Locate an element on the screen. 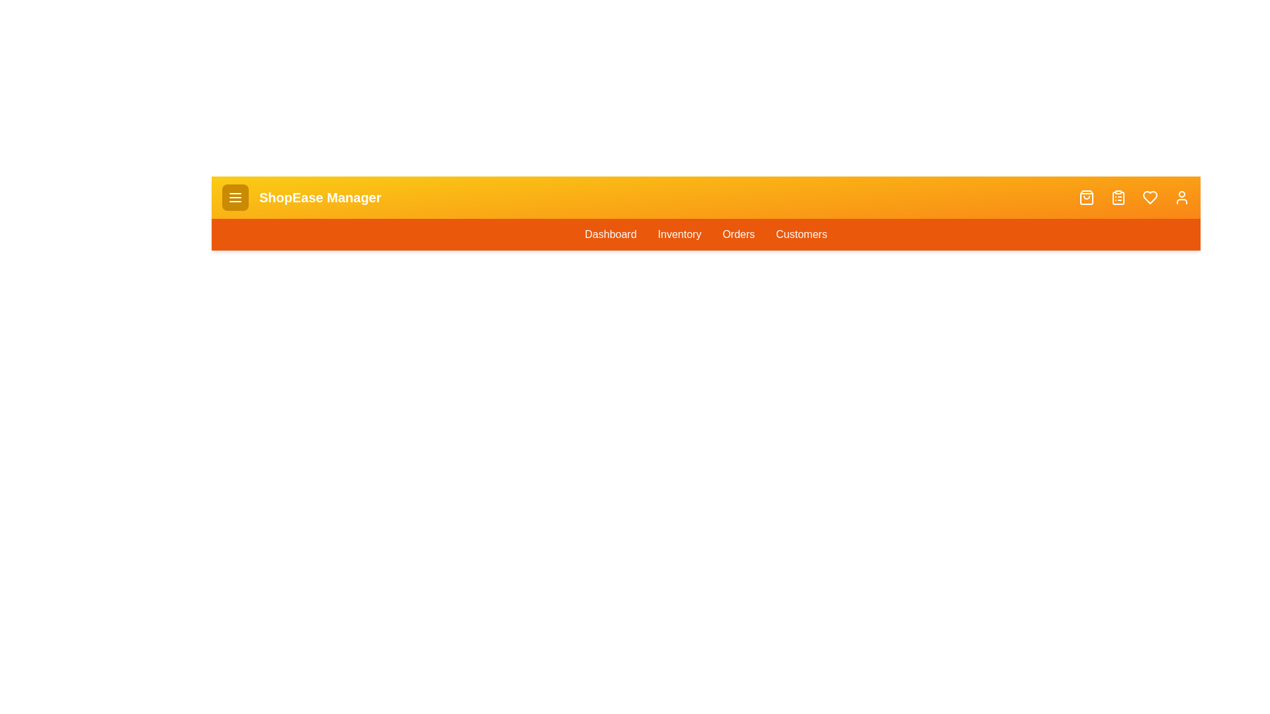 The height and width of the screenshot is (714, 1270). the navigation link for Orders to navigate to the respective section is located at coordinates (738, 233).